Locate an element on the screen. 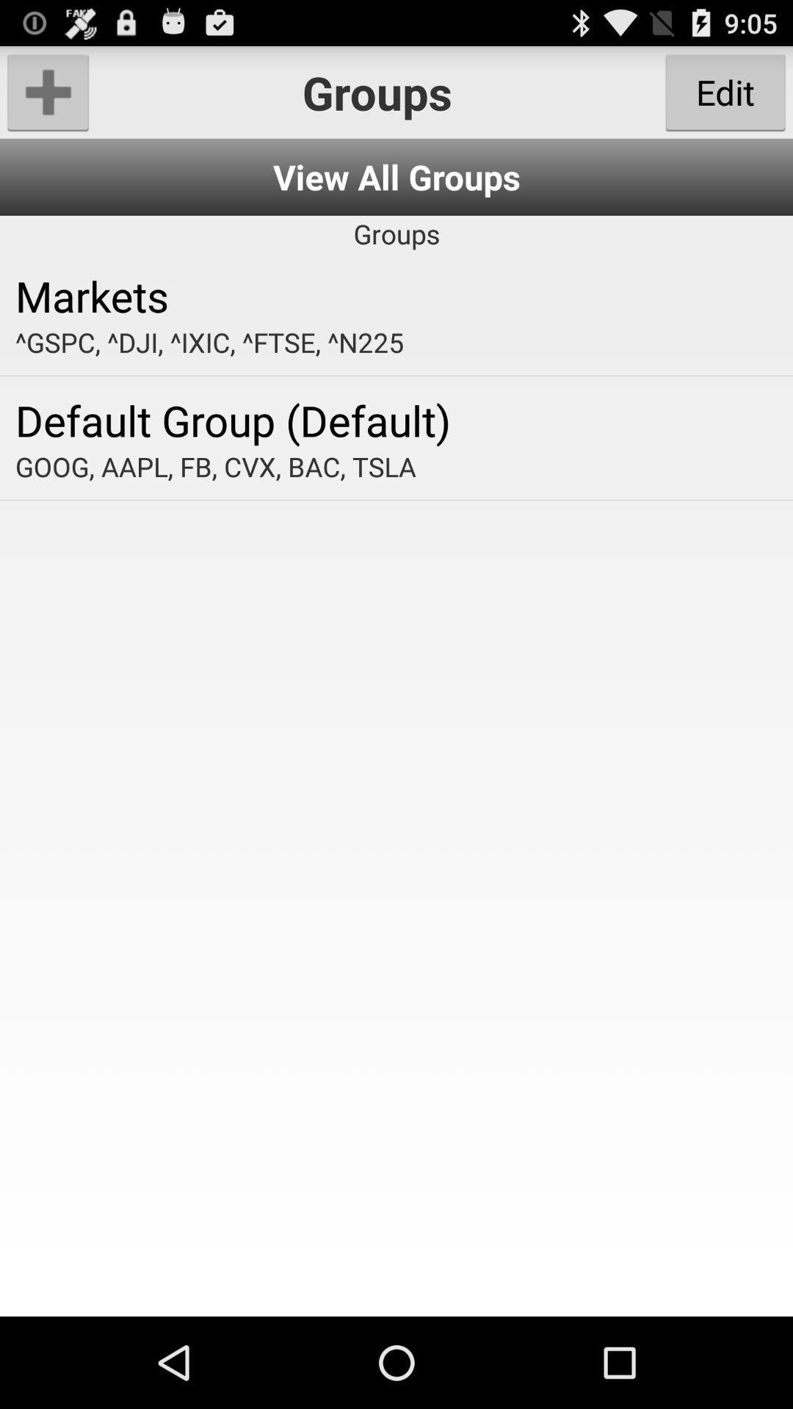 This screenshot has width=793, height=1409. click add option is located at coordinates (47, 91).